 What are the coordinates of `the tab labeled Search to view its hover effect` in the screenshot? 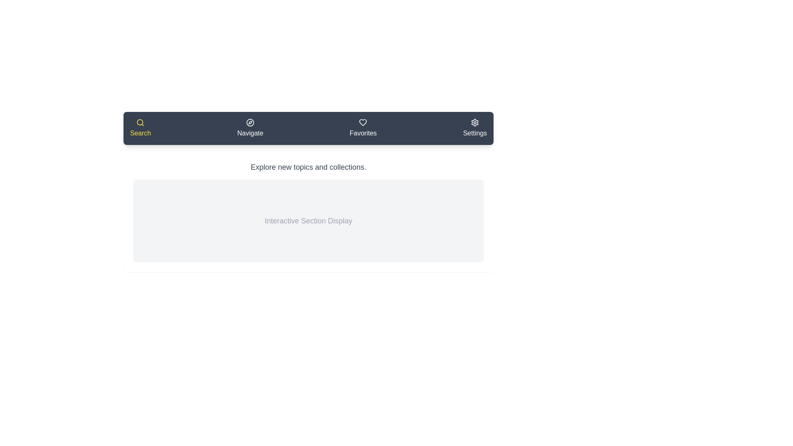 It's located at (140, 128).